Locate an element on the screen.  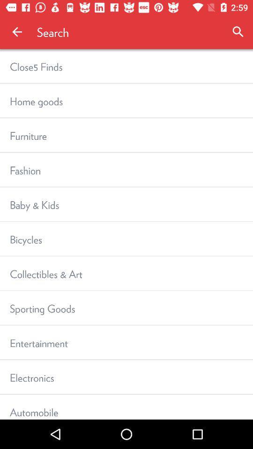
icon next to search item is located at coordinates (17, 32).